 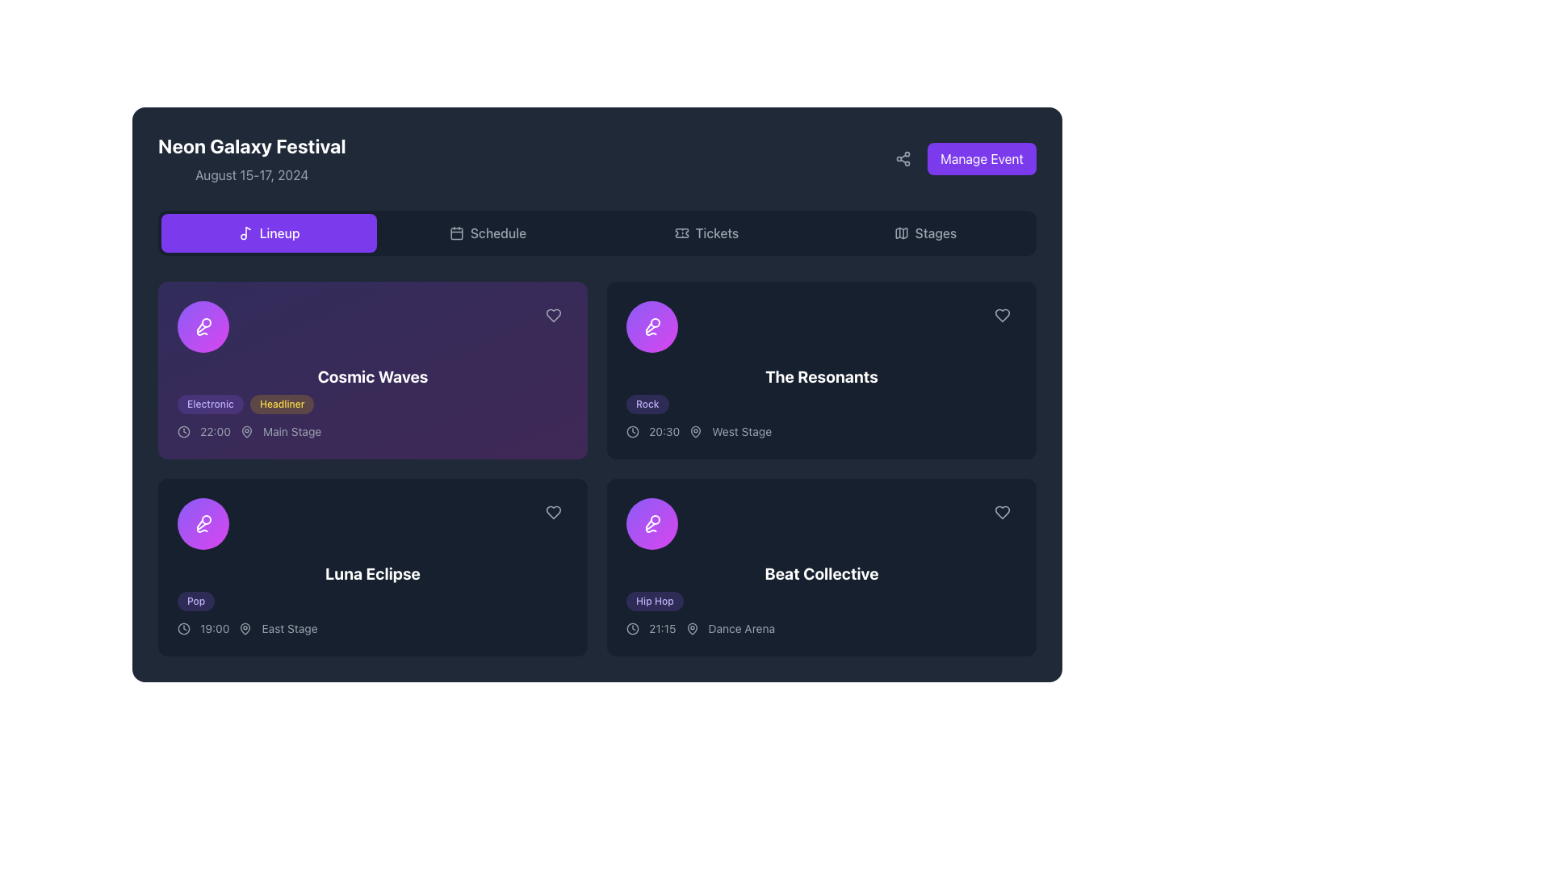 What do you see at coordinates (692, 628) in the screenshot?
I see `the 'Dance Arena' icon located in the event details section for 'Beat Collective', positioned to the right of the time '21:15'` at bounding box center [692, 628].